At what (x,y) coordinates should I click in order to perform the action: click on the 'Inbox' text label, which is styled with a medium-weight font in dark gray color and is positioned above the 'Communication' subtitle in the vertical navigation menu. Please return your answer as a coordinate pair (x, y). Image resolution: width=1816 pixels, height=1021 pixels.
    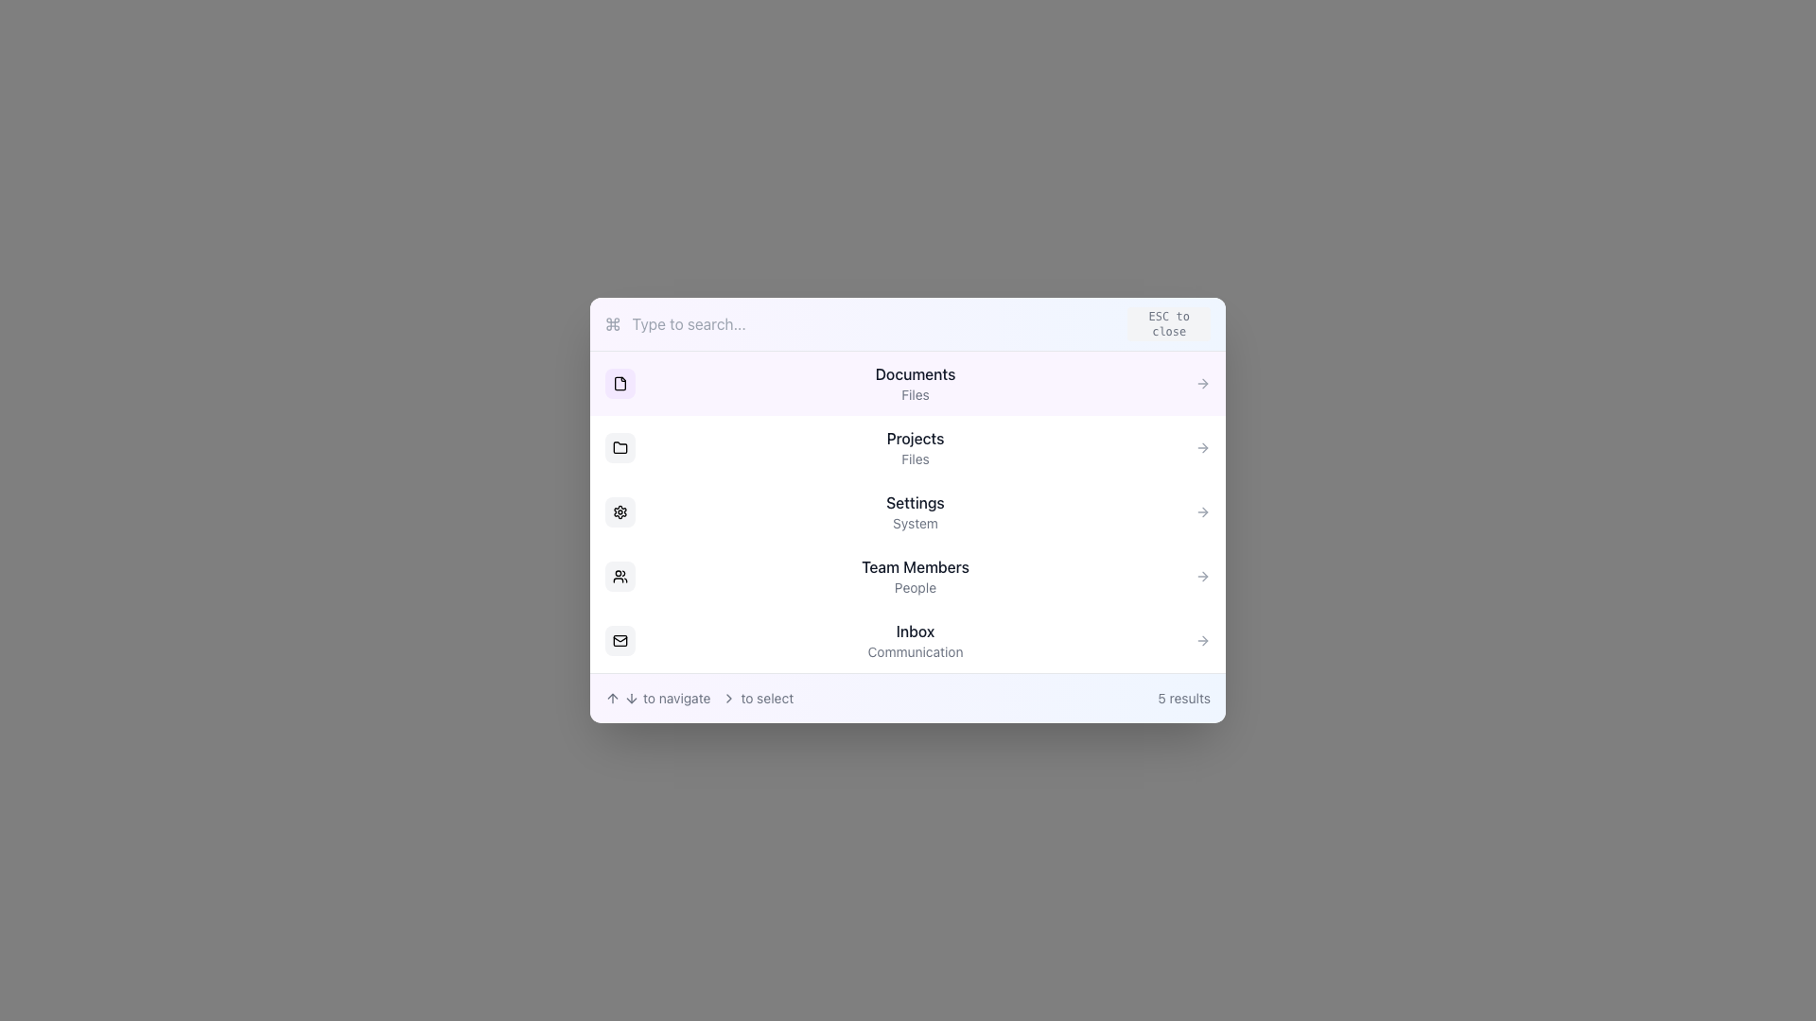
    Looking at the image, I should click on (916, 631).